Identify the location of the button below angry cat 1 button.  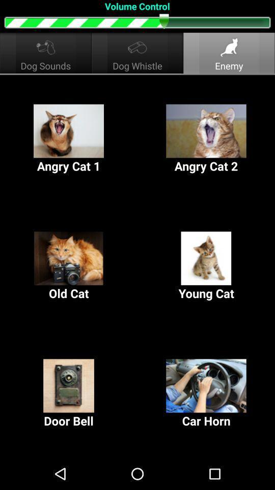
(69, 266).